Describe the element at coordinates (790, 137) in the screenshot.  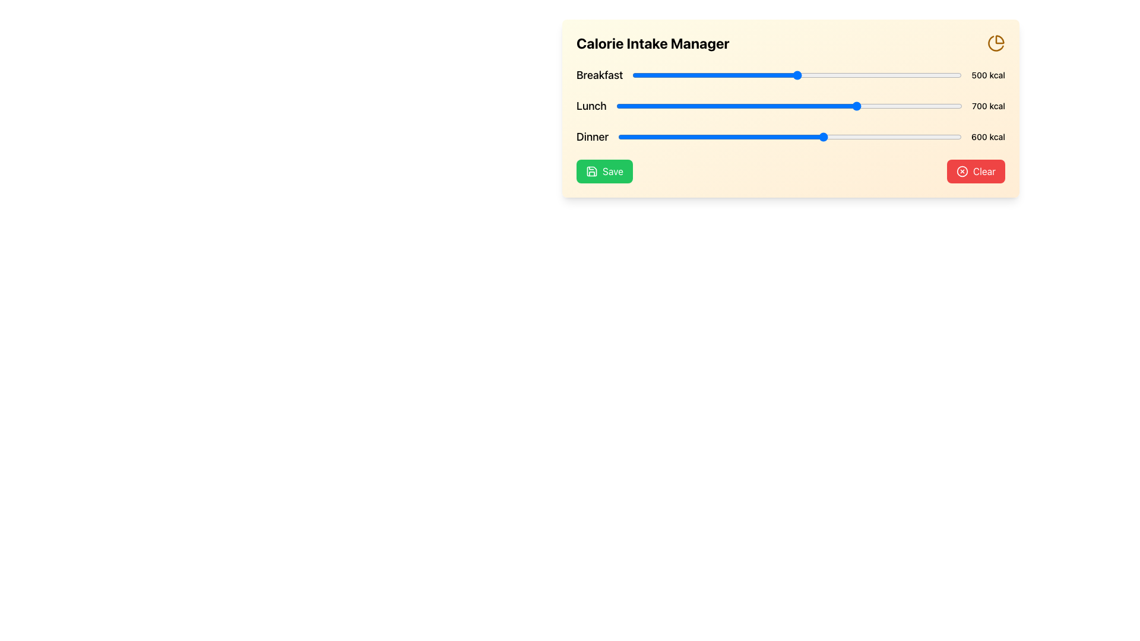
I see `the Range Slider element that is visually represented with a gradient bar transitioning from green to darker green, positioned between the label 'Dinner' and the value '600 kcal'` at that location.